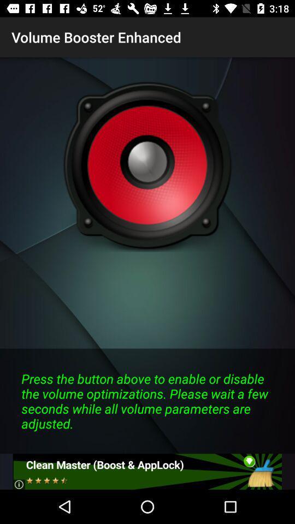  What do you see at coordinates (147, 471) in the screenshot?
I see `open the specific page` at bounding box center [147, 471].